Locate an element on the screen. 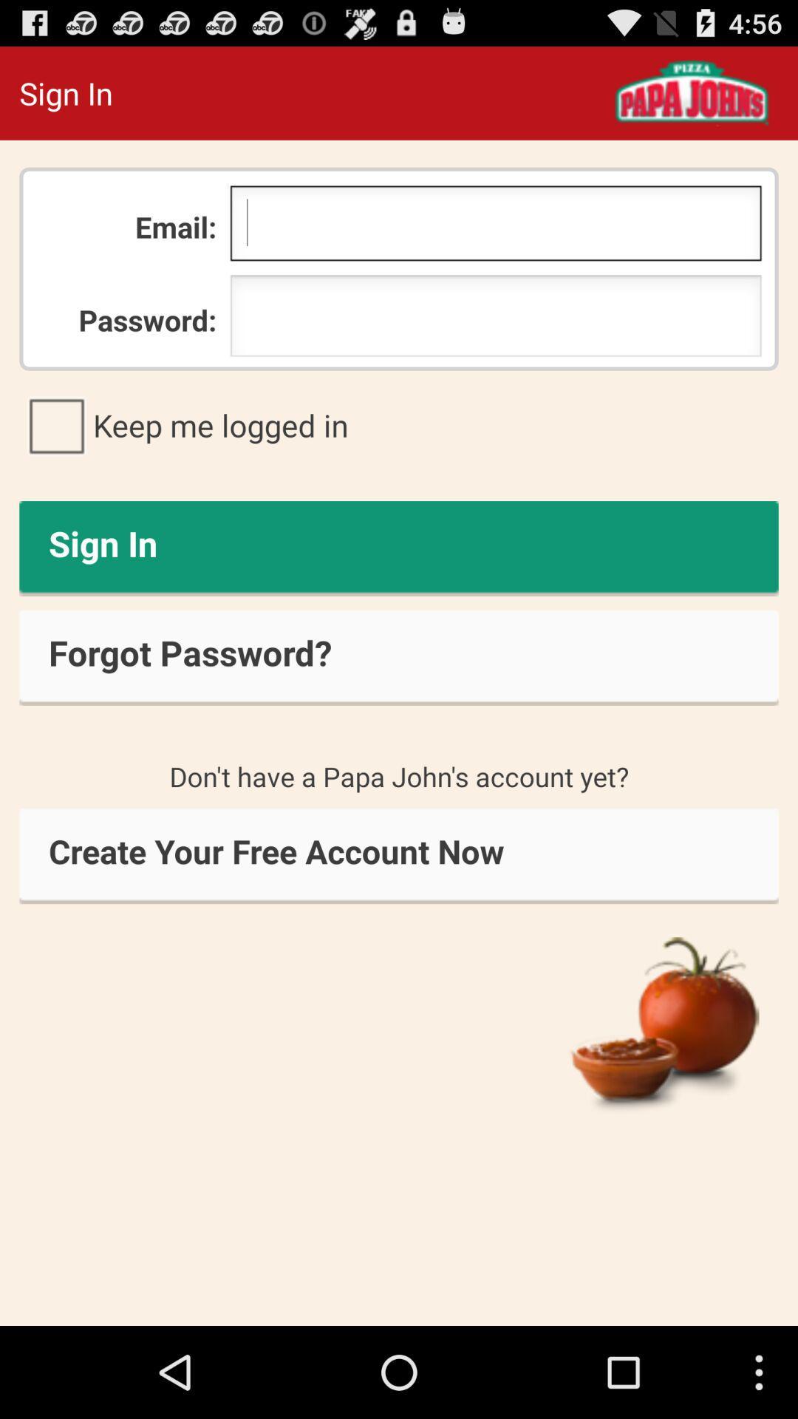 The image size is (798, 1419). icon below sign in is located at coordinates (399, 657).